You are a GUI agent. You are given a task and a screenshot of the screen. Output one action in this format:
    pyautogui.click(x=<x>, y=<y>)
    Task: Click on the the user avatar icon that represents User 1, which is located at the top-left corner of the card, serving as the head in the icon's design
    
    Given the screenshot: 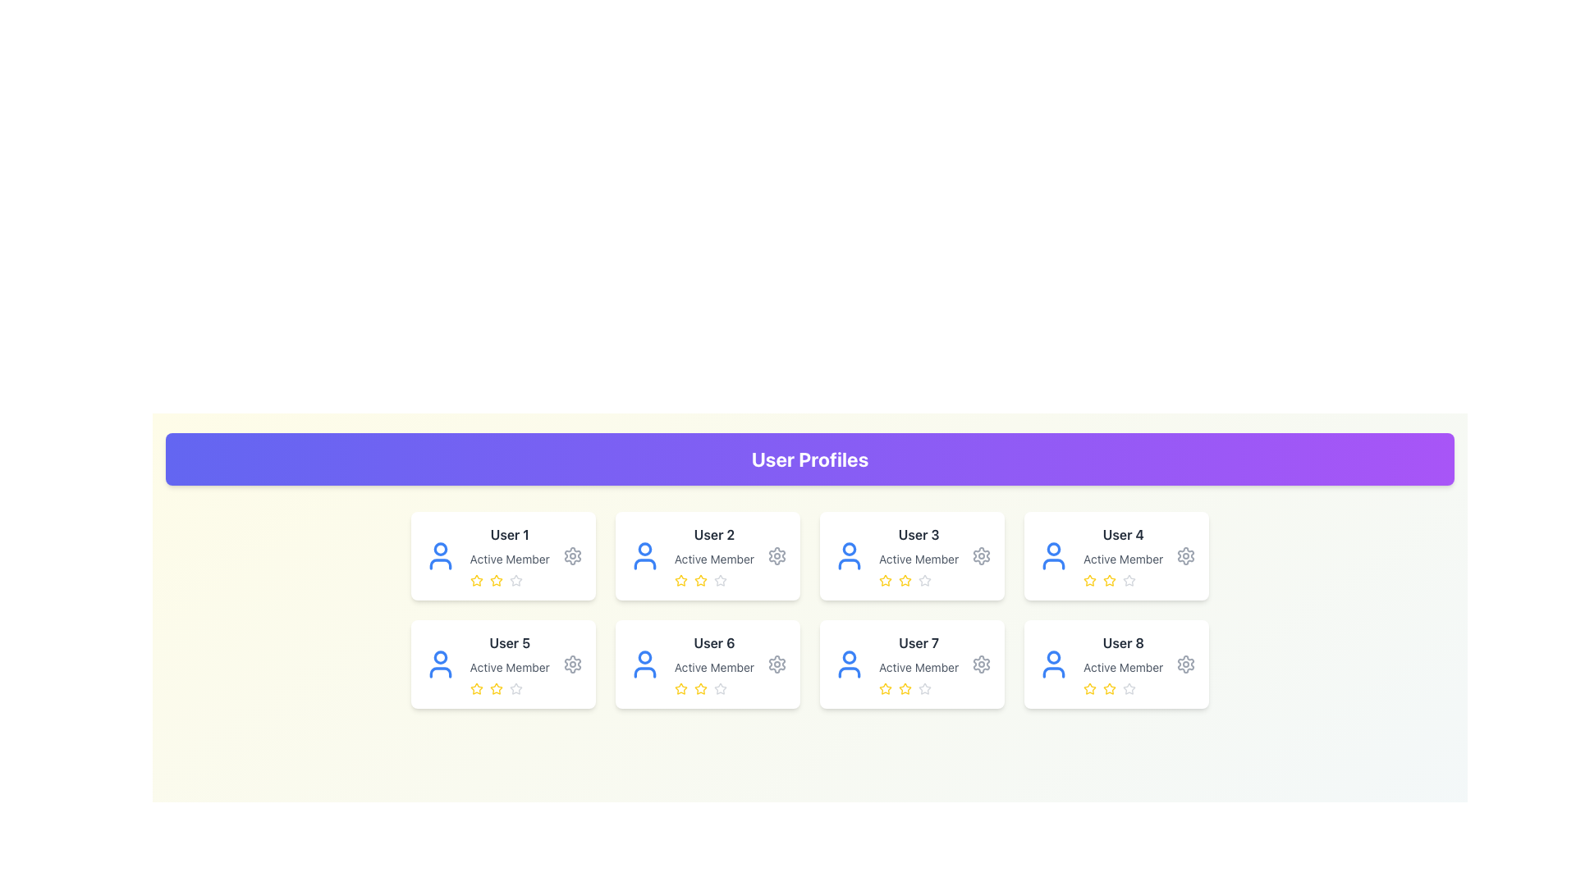 What is the action you would take?
    pyautogui.click(x=440, y=549)
    